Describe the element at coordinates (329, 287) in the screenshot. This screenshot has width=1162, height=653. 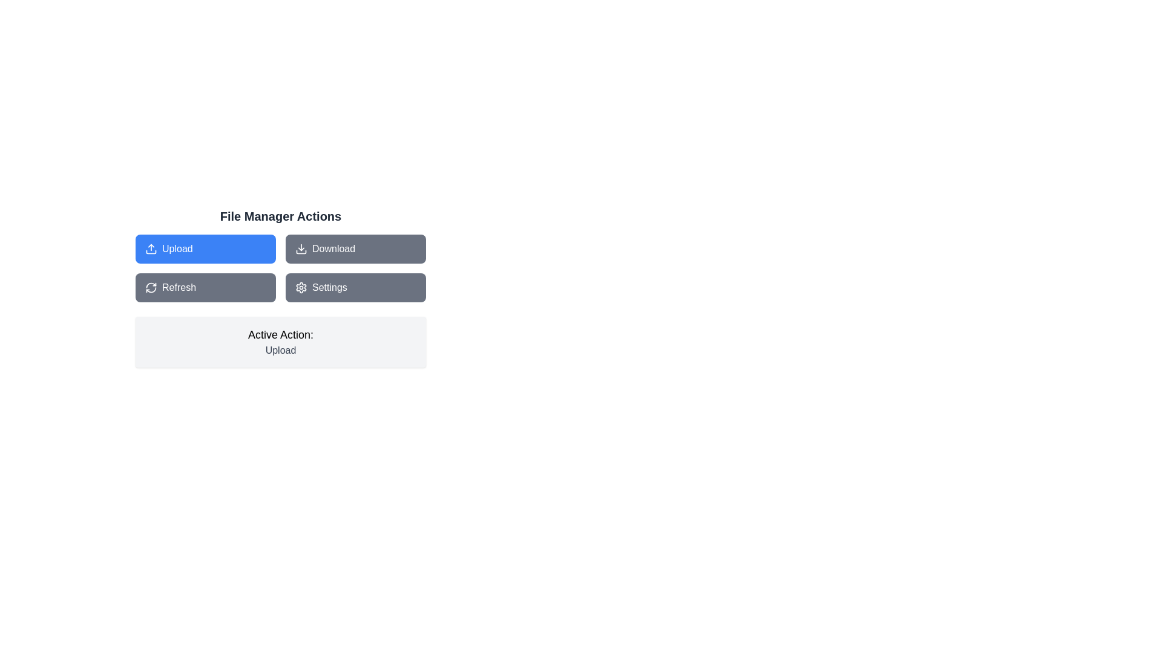
I see `the 'Settings' button` at that location.